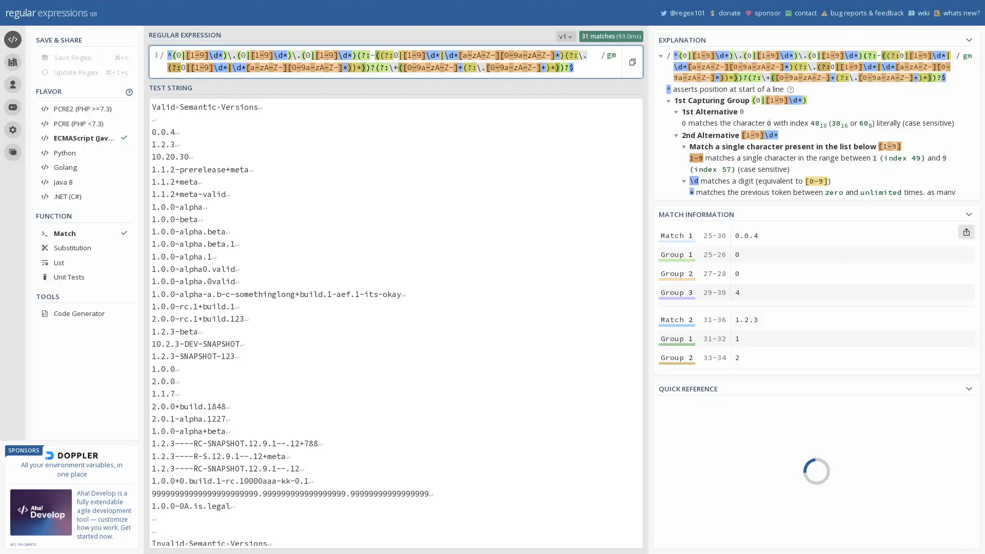 The height and width of the screenshot is (554, 985). What do you see at coordinates (677, 254) in the screenshot?
I see `Group 1` at bounding box center [677, 254].